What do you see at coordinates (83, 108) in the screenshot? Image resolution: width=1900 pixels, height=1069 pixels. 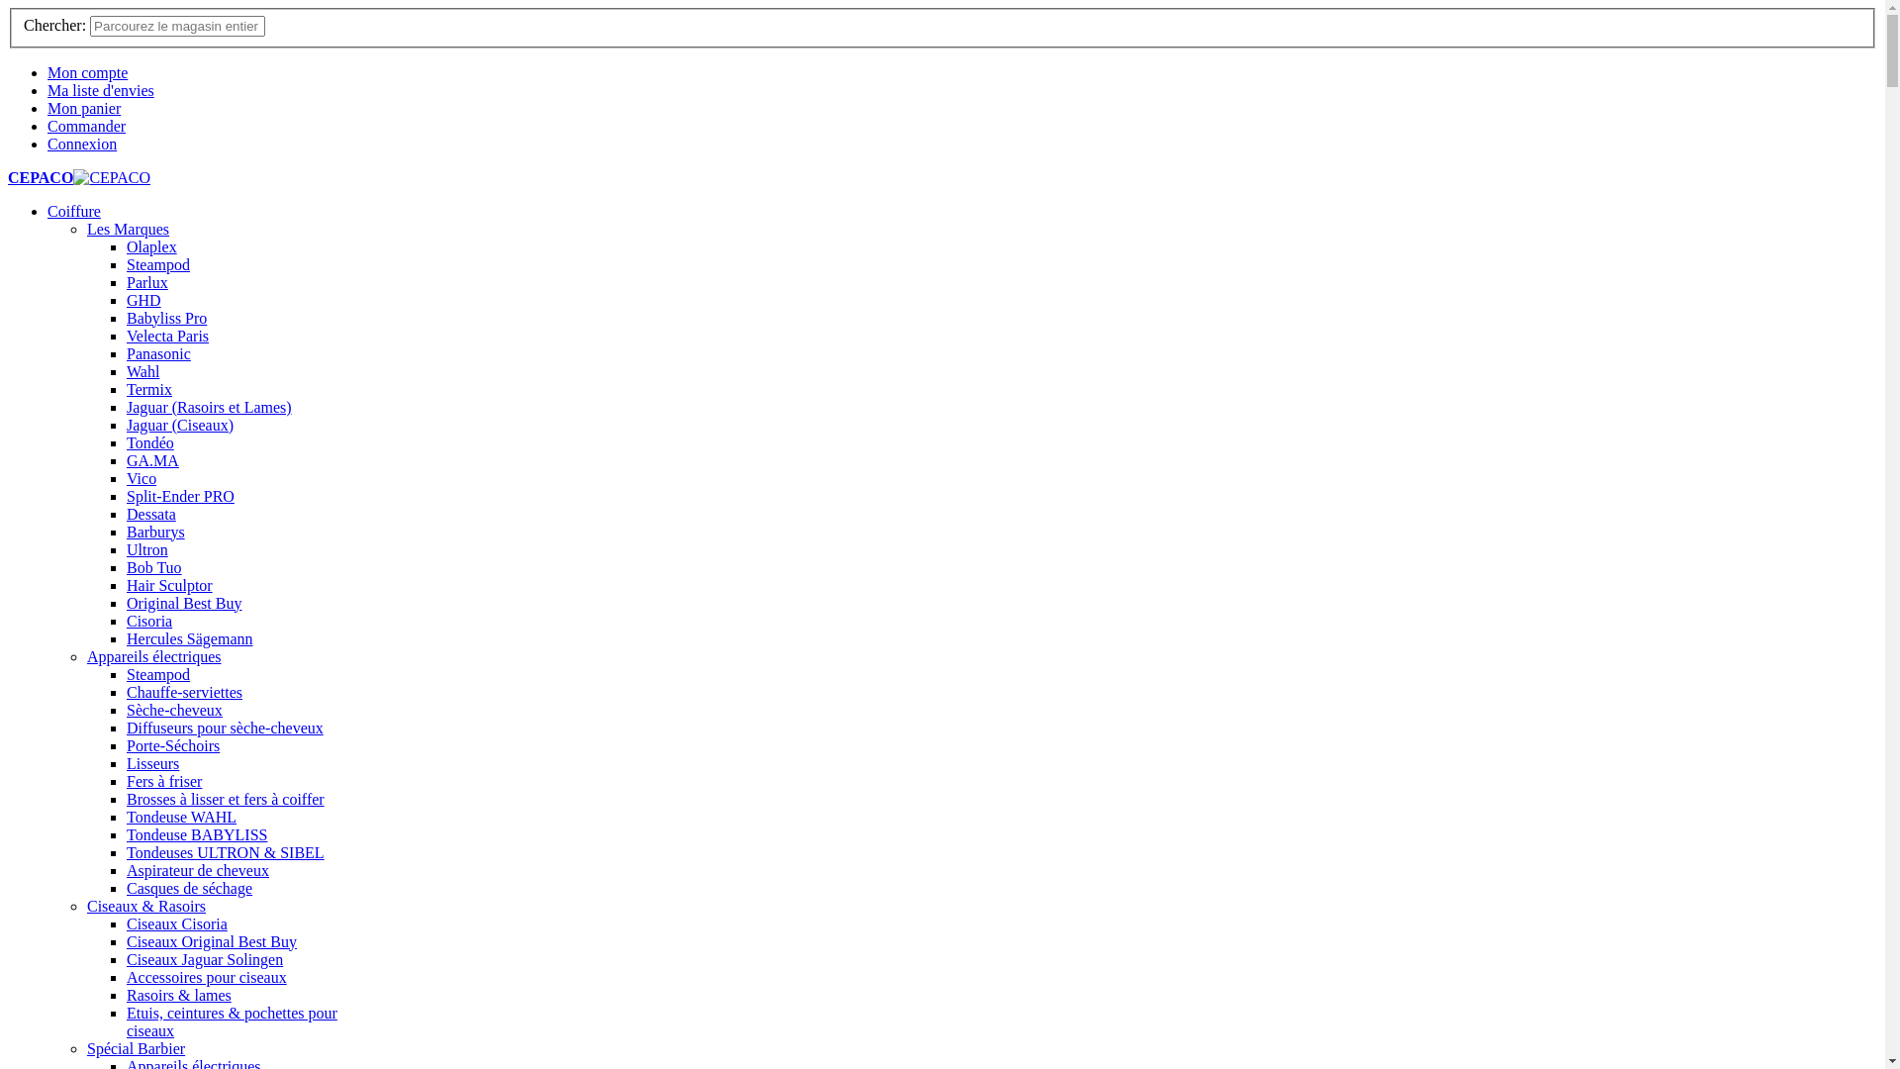 I see `'Mon panier'` at bounding box center [83, 108].